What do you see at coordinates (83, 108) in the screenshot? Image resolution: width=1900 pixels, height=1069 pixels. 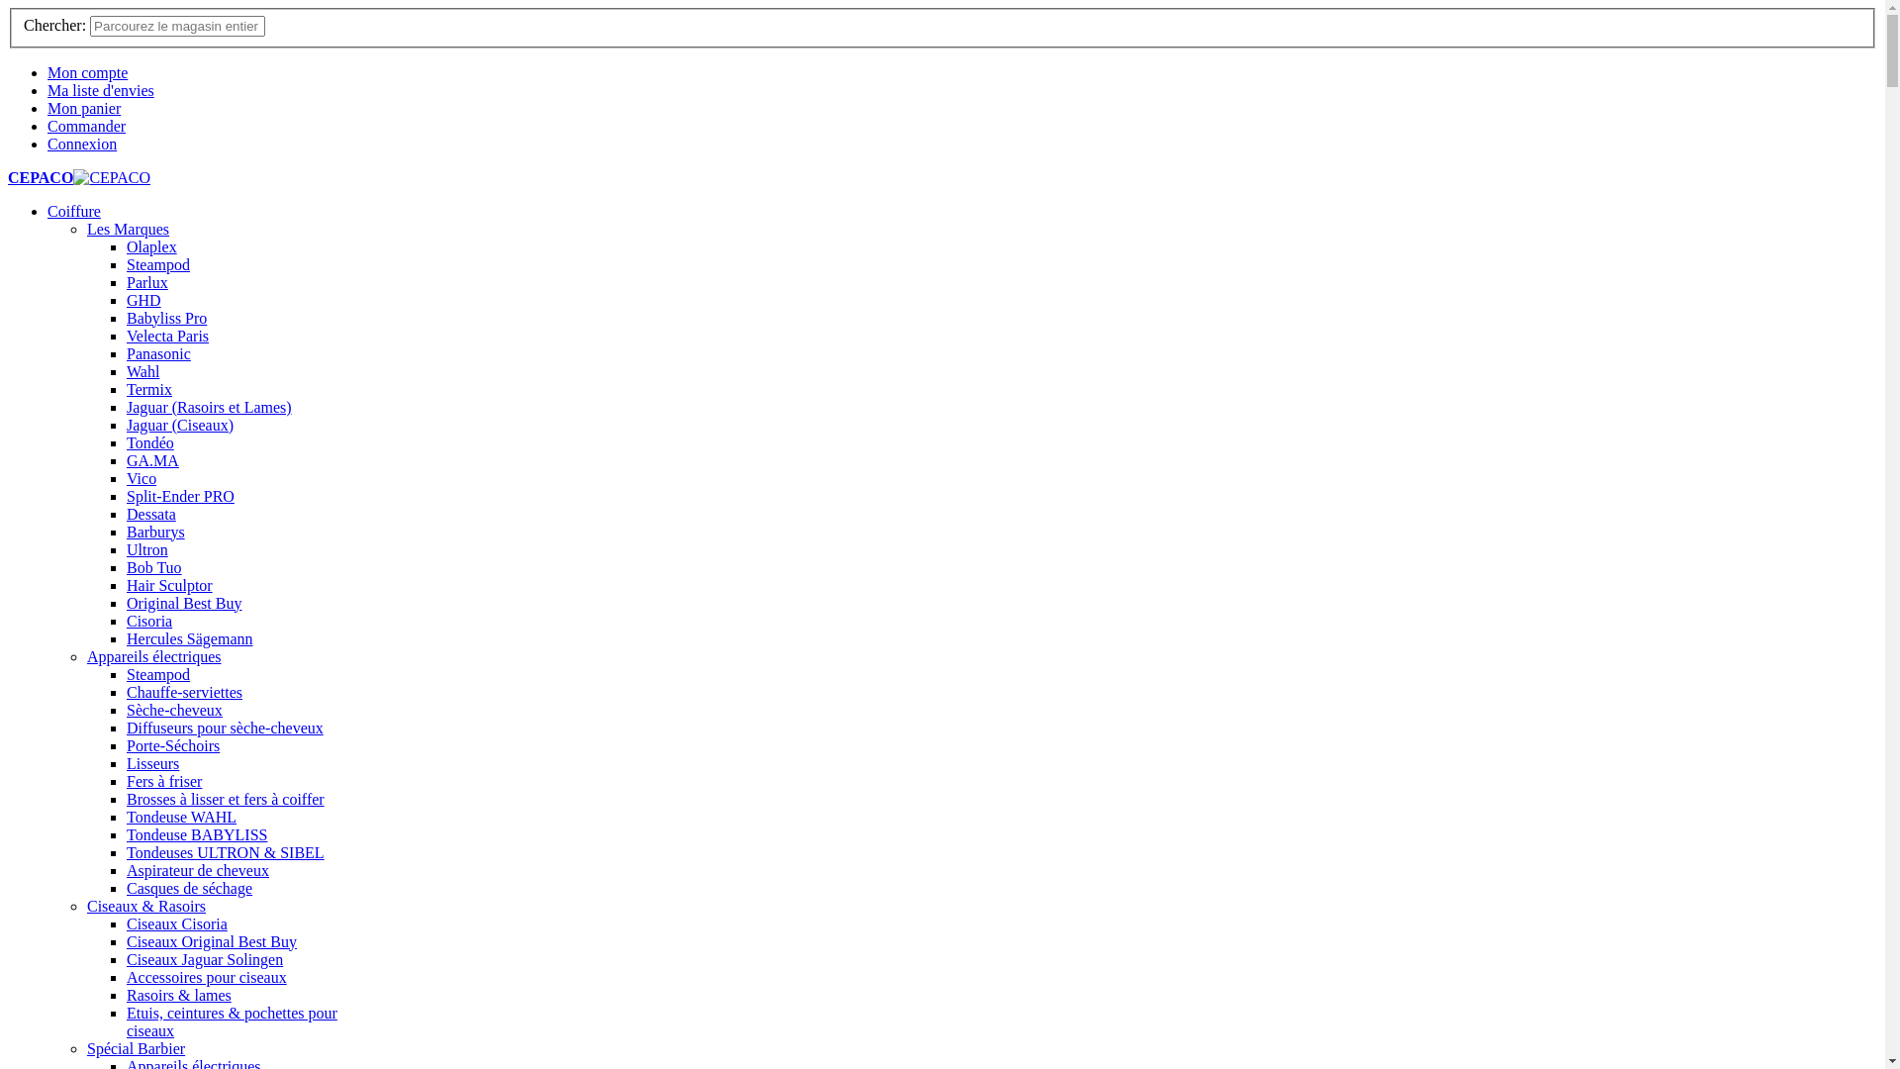 I see `'Mon panier'` at bounding box center [83, 108].